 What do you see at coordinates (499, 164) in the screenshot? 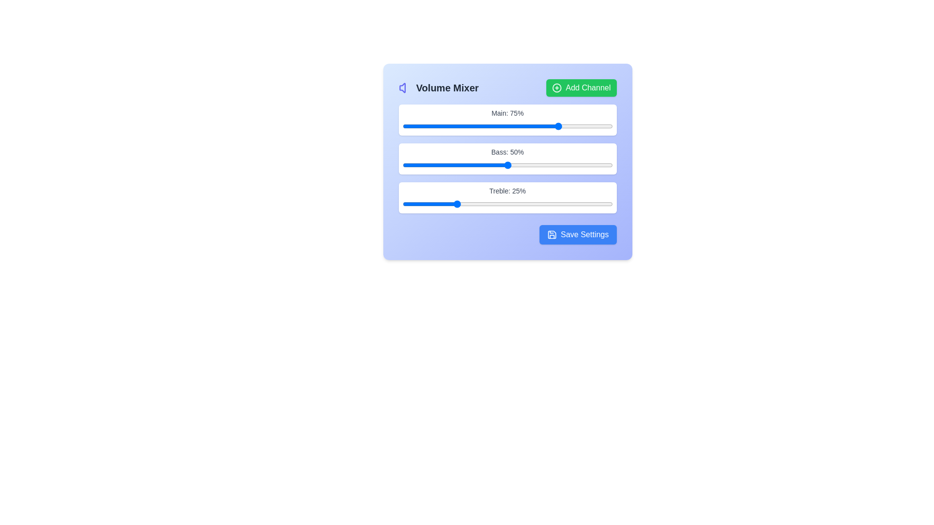
I see `bass level` at bounding box center [499, 164].